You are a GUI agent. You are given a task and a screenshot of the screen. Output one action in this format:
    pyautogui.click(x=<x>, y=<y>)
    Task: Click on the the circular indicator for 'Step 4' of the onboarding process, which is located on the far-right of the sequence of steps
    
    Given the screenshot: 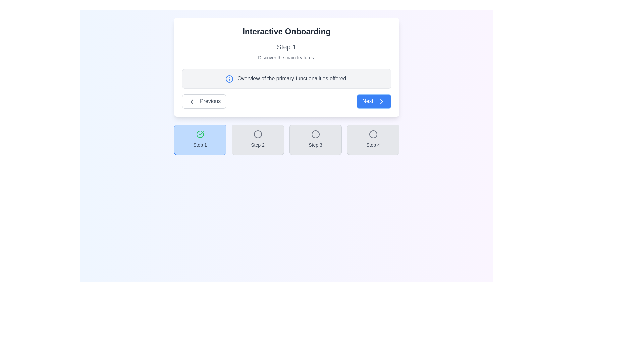 What is the action you would take?
    pyautogui.click(x=373, y=134)
    